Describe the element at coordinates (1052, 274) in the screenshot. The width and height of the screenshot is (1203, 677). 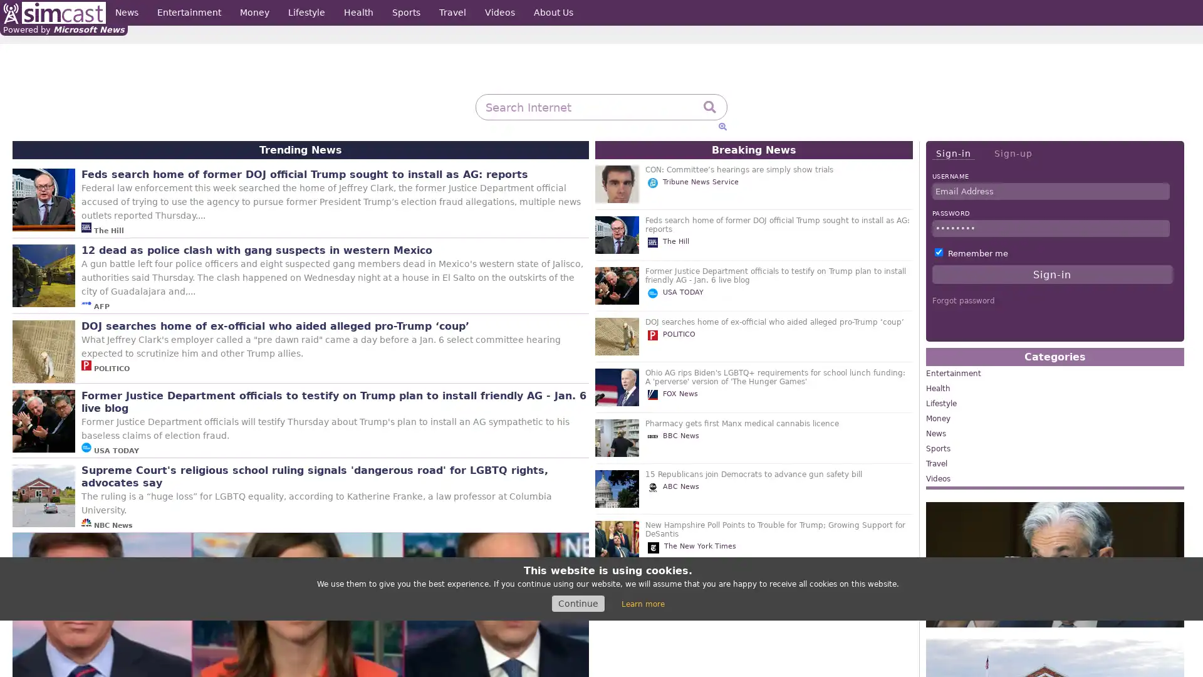
I see `Sign-in` at that location.